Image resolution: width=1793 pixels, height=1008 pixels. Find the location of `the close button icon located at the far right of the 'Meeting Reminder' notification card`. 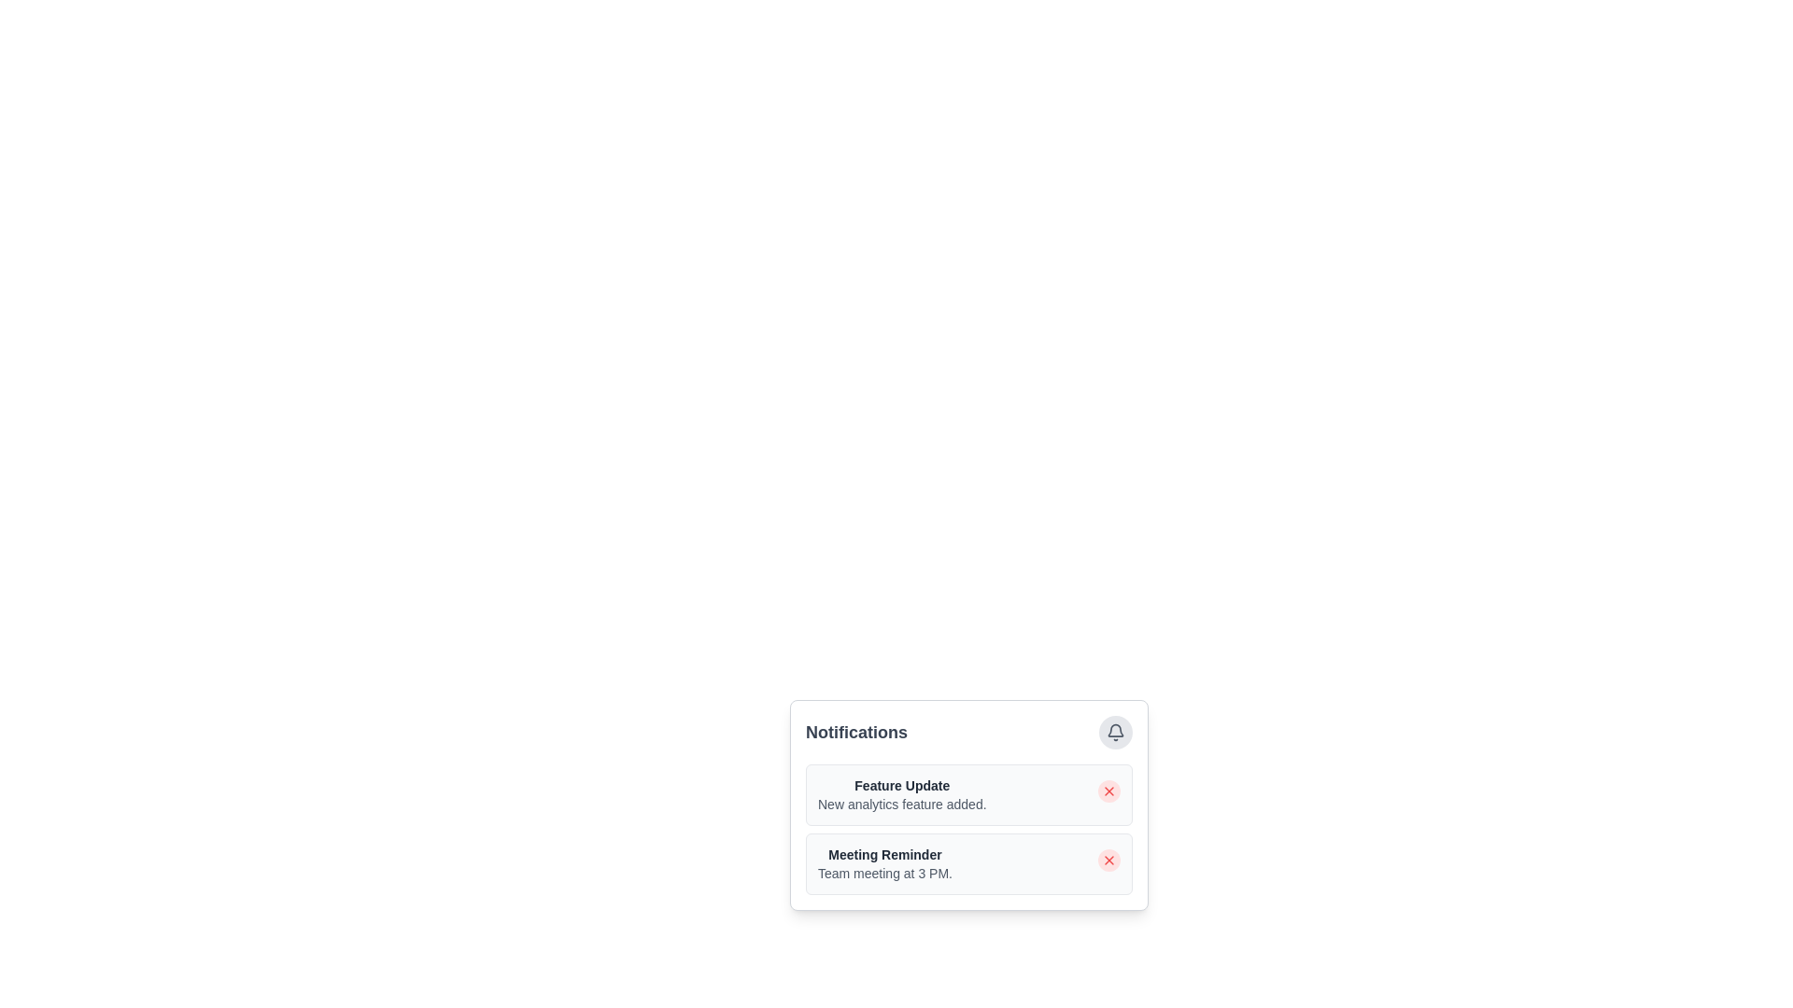

the close button icon located at the far right of the 'Meeting Reminder' notification card is located at coordinates (1109, 860).